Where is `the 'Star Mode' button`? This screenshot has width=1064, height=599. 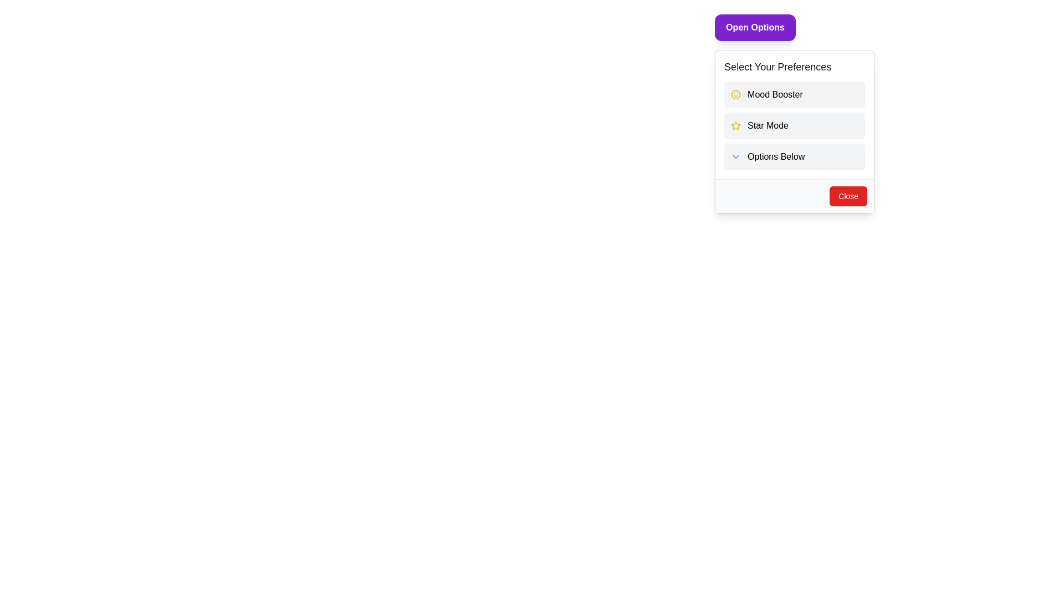 the 'Star Mode' button is located at coordinates (794, 131).